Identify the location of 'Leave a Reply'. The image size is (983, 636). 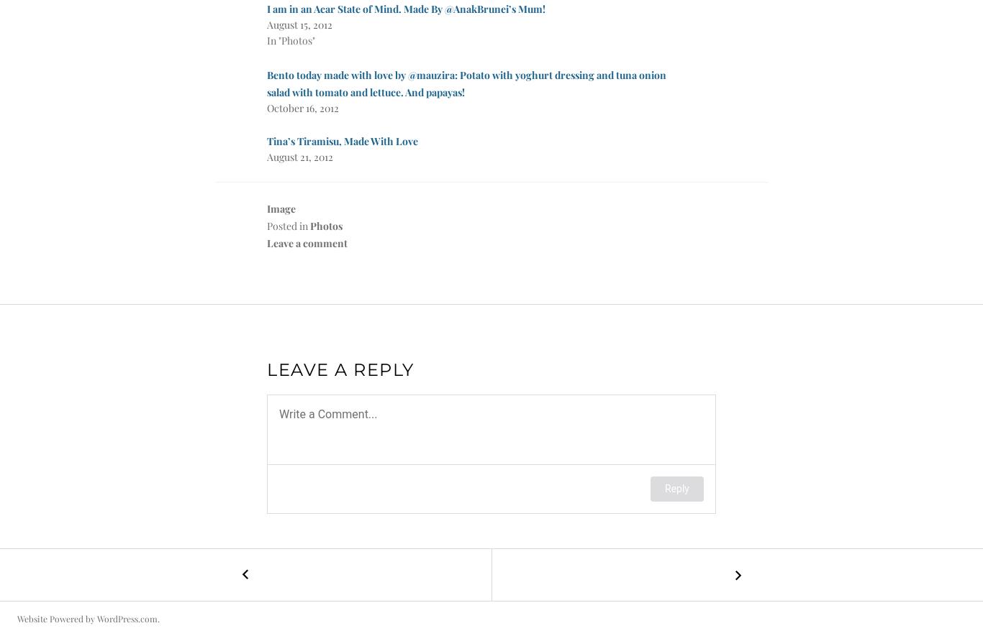
(340, 369).